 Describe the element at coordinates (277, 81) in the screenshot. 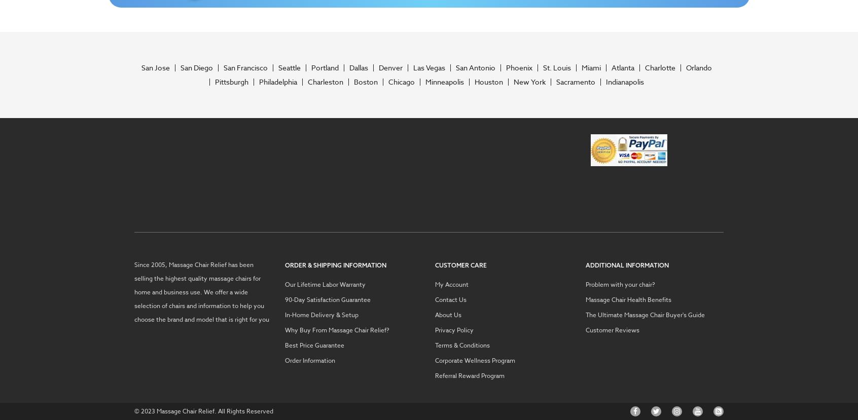

I see `'Philadelphia'` at that location.